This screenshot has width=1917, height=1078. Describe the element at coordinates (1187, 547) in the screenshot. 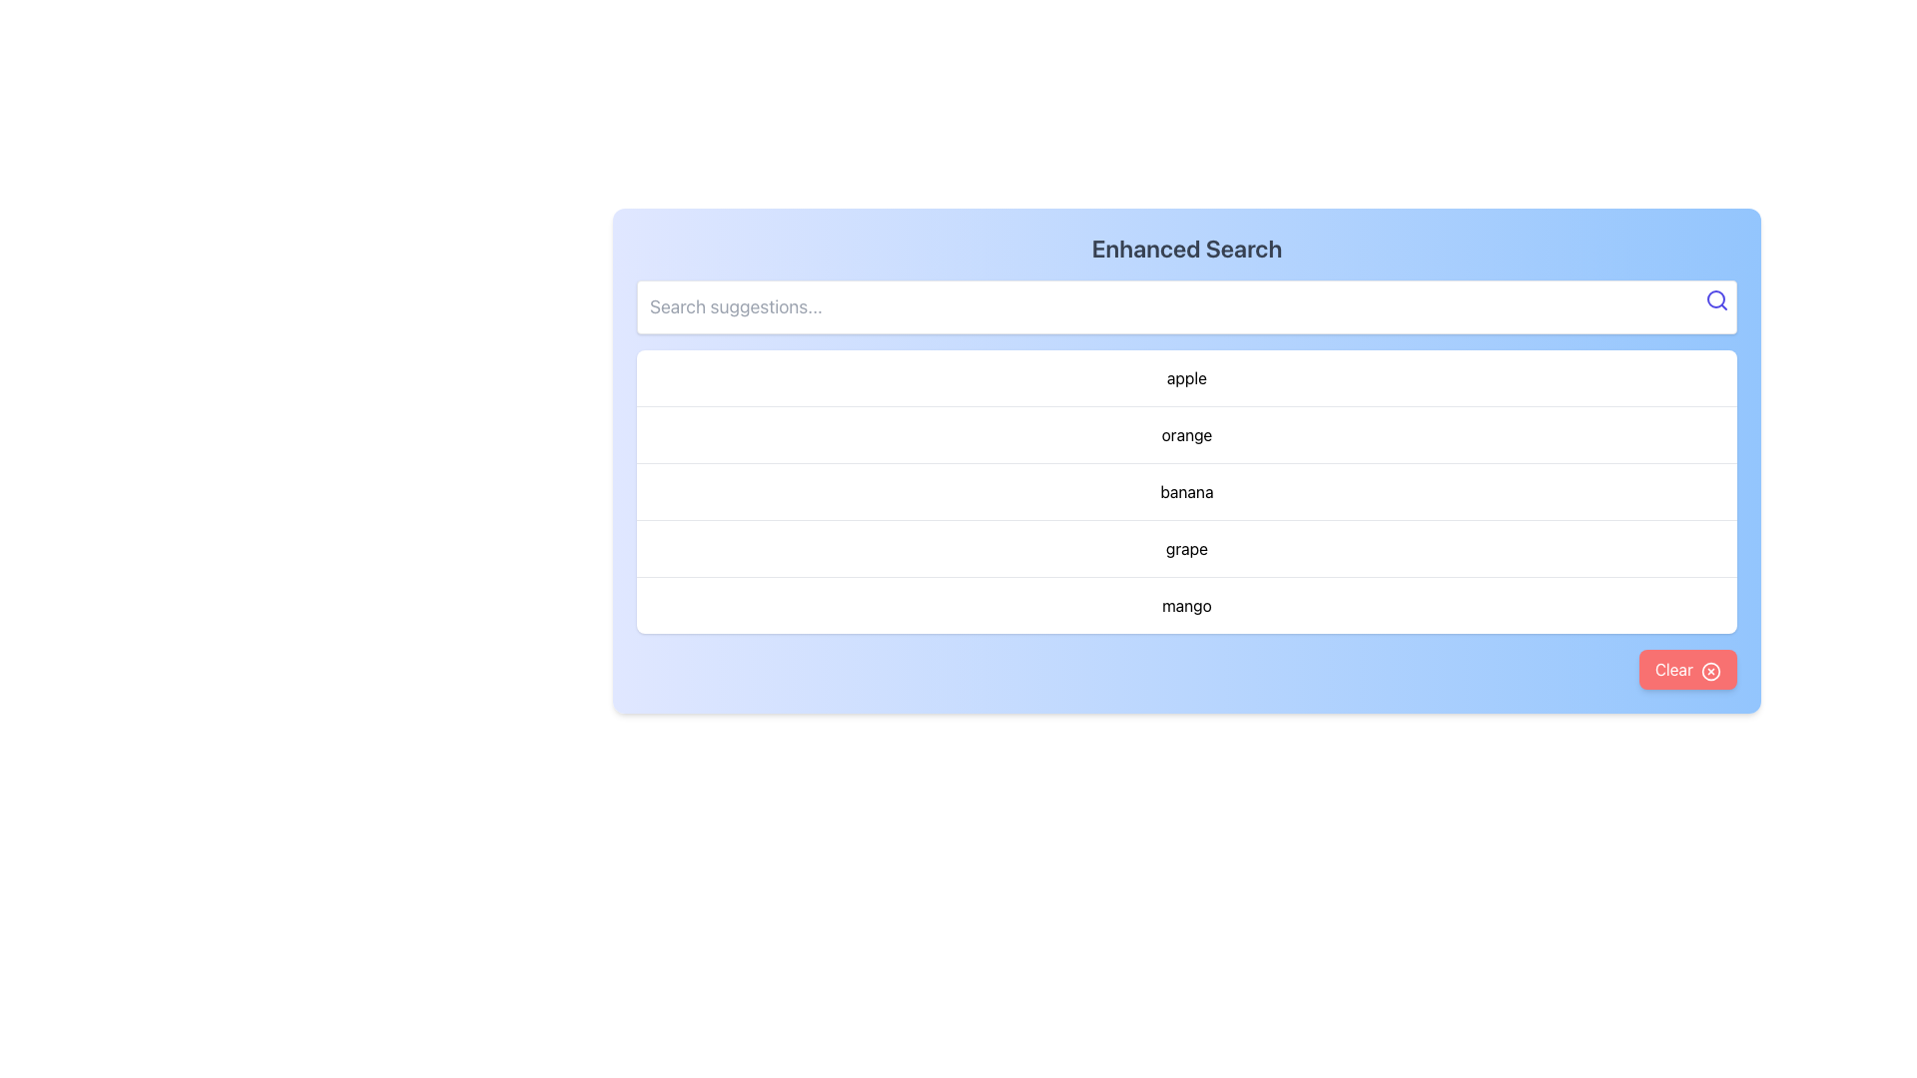

I see `the list item containing the text 'grape', which is the fourth item in a vertically stacked list on a minimalistic white background` at that location.